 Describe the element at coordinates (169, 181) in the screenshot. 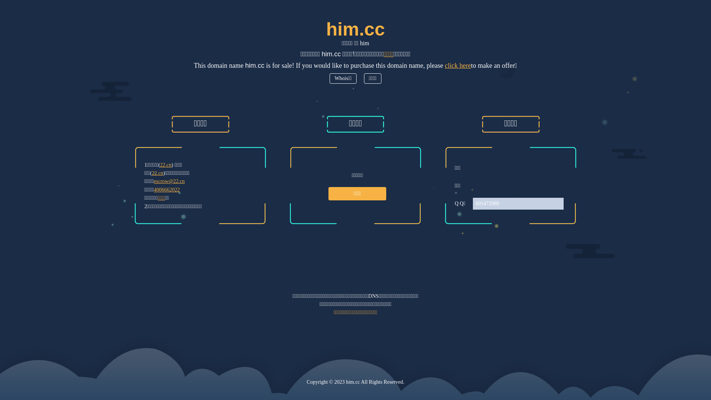

I see `'escrow@22.cn'` at that location.